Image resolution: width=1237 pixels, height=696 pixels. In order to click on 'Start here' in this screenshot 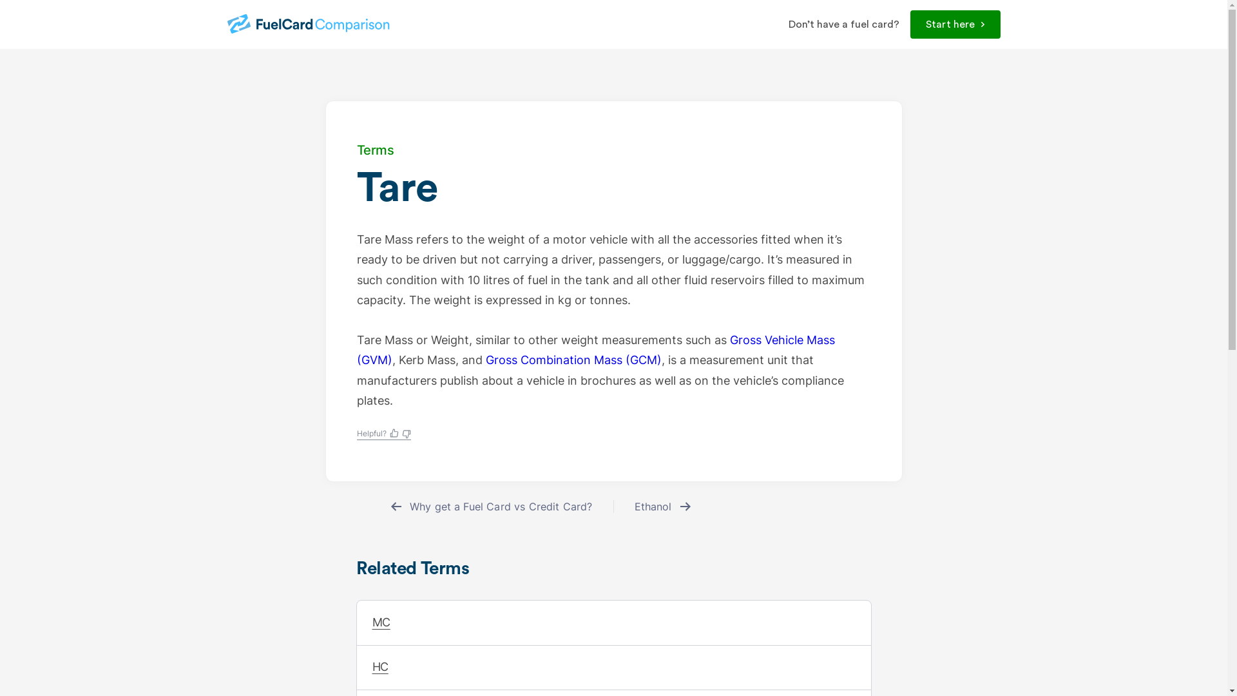, I will do `click(955, 24)`.